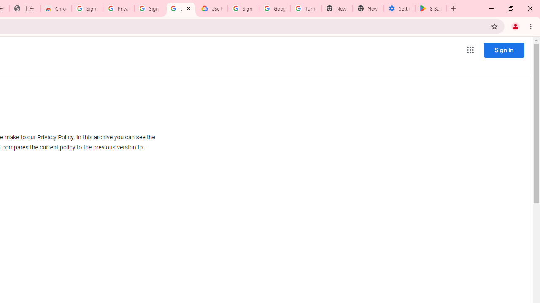 This screenshot has height=303, width=540. Describe the element at coordinates (305, 8) in the screenshot. I see `'Turn cookies on or off - Computer - Google Account Help'` at that location.